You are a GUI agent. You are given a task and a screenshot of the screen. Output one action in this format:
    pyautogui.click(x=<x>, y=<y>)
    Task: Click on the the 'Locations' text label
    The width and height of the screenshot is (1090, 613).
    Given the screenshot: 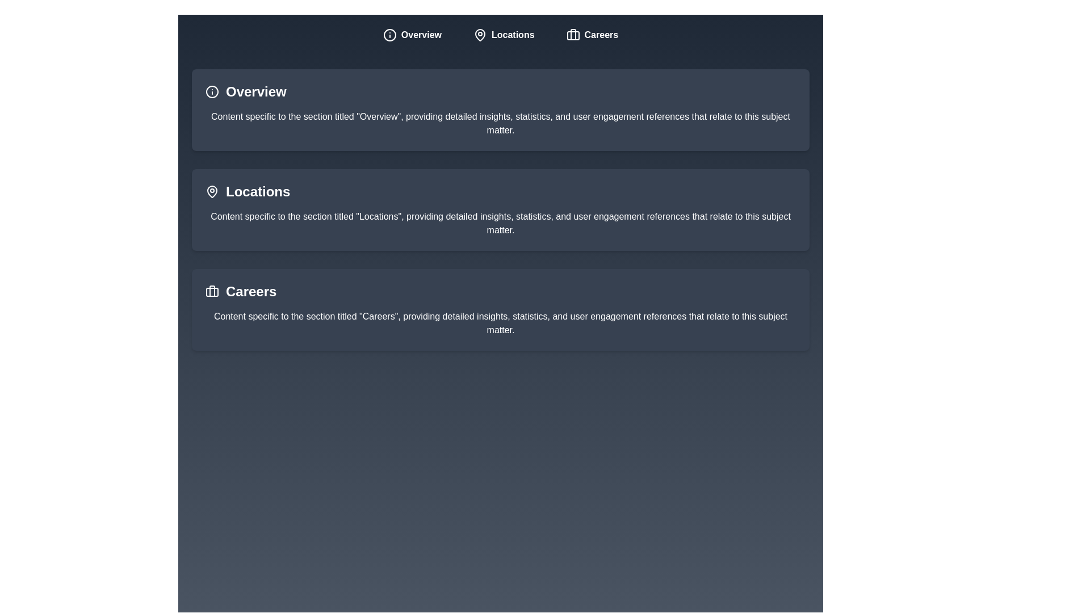 What is the action you would take?
    pyautogui.click(x=257, y=191)
    